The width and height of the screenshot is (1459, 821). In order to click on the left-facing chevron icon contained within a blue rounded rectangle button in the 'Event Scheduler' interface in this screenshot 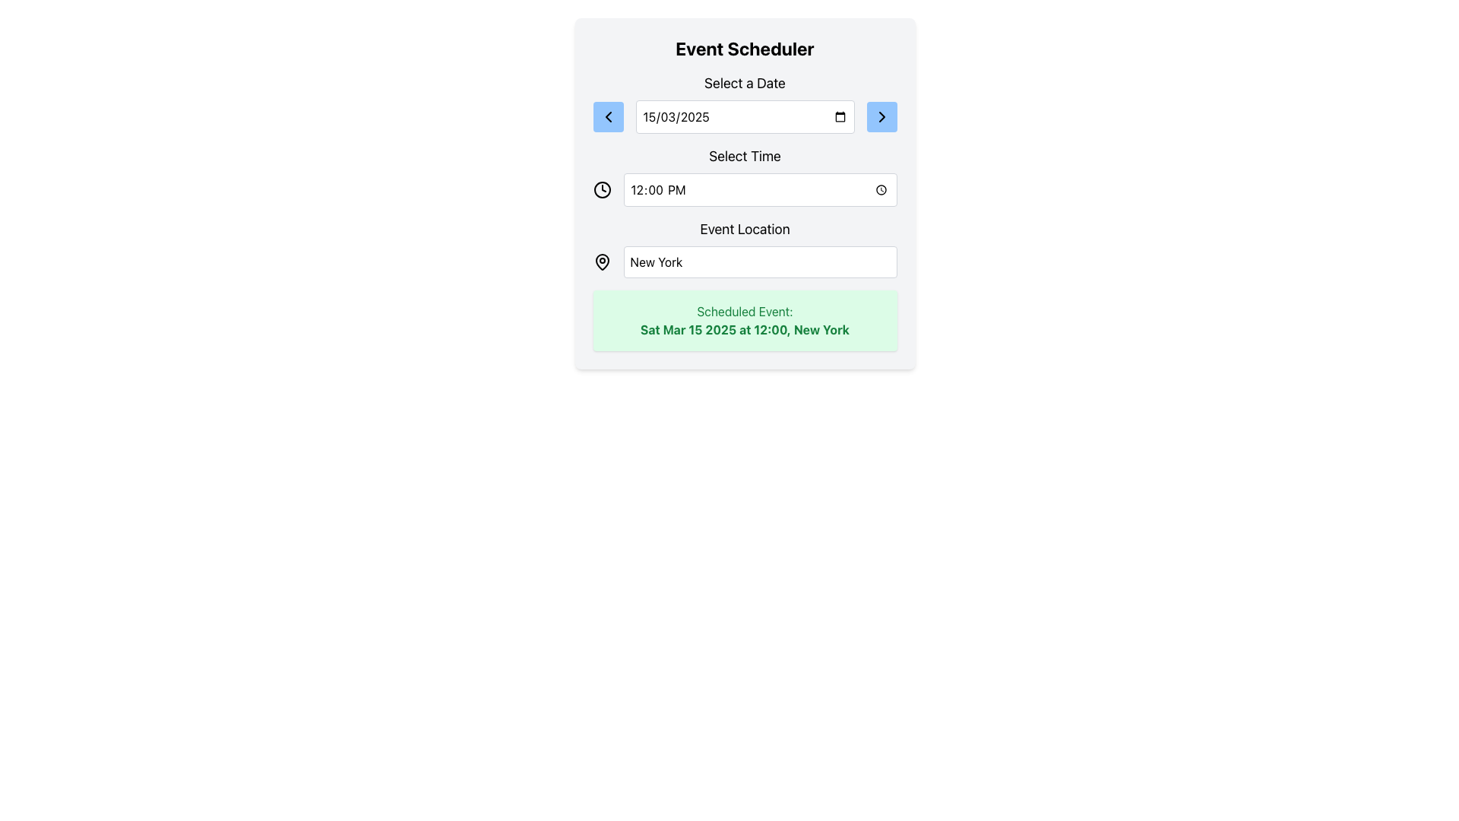, I will do `click(608, 116)`.